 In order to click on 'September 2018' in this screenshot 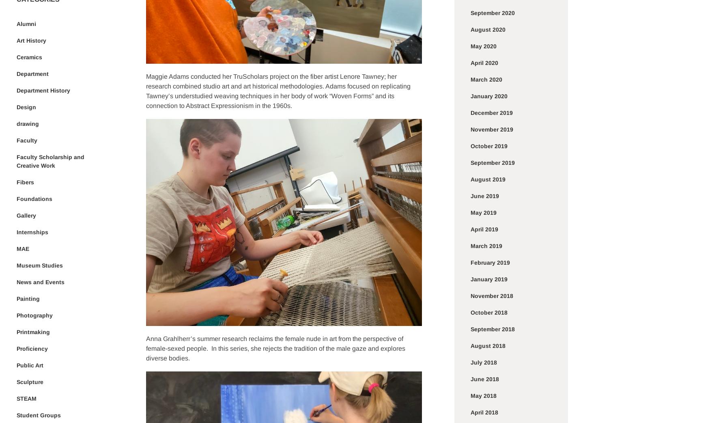, I will do `click(470, 329)`.